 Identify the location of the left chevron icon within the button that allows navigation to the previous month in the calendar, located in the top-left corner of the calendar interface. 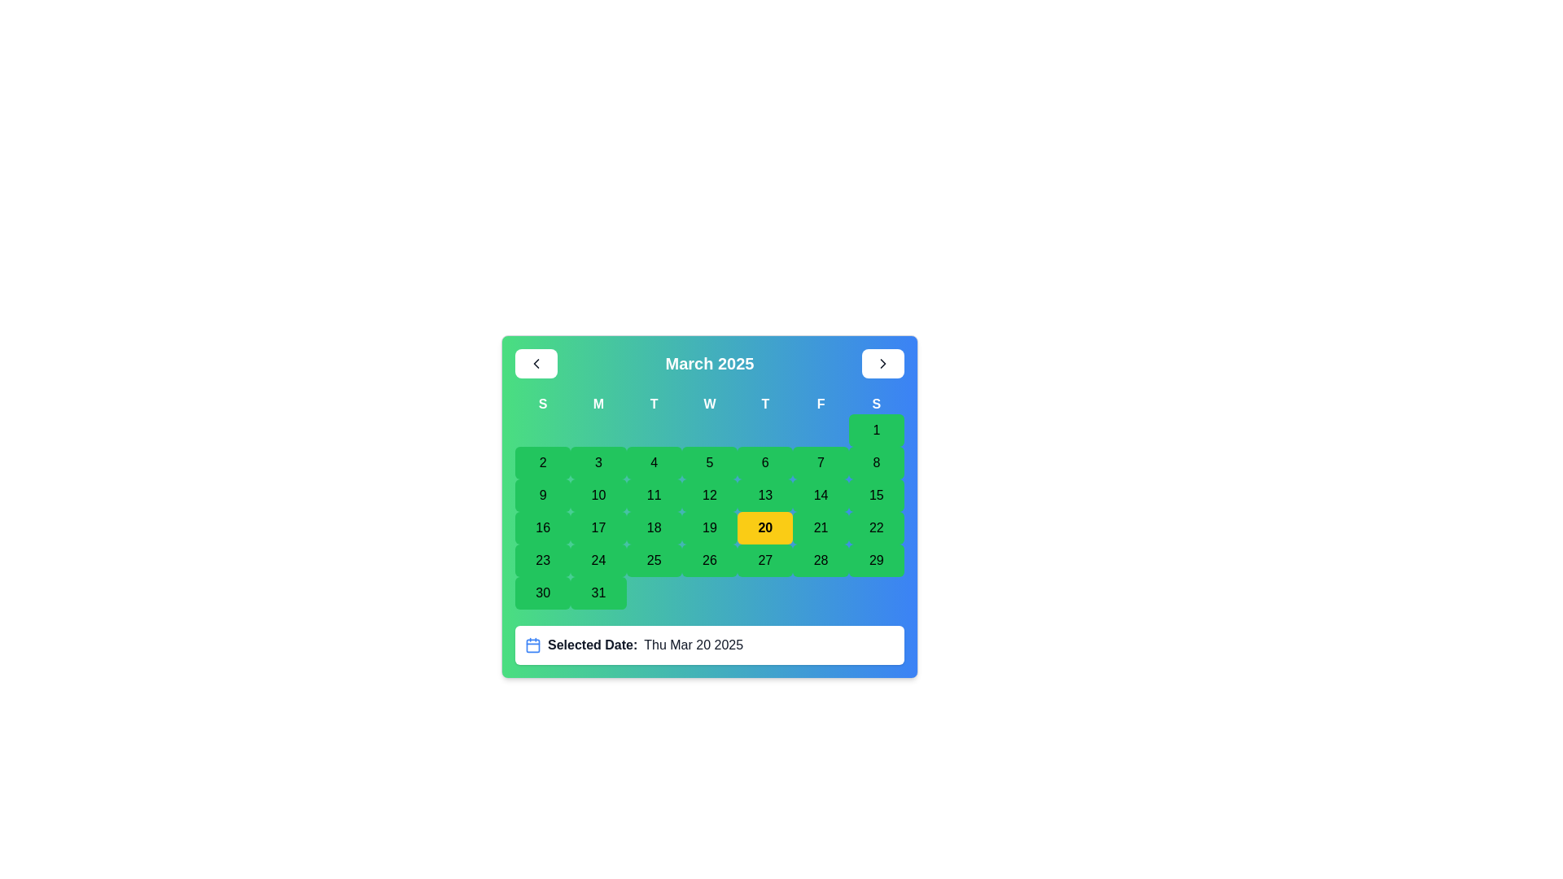
(536, 363).